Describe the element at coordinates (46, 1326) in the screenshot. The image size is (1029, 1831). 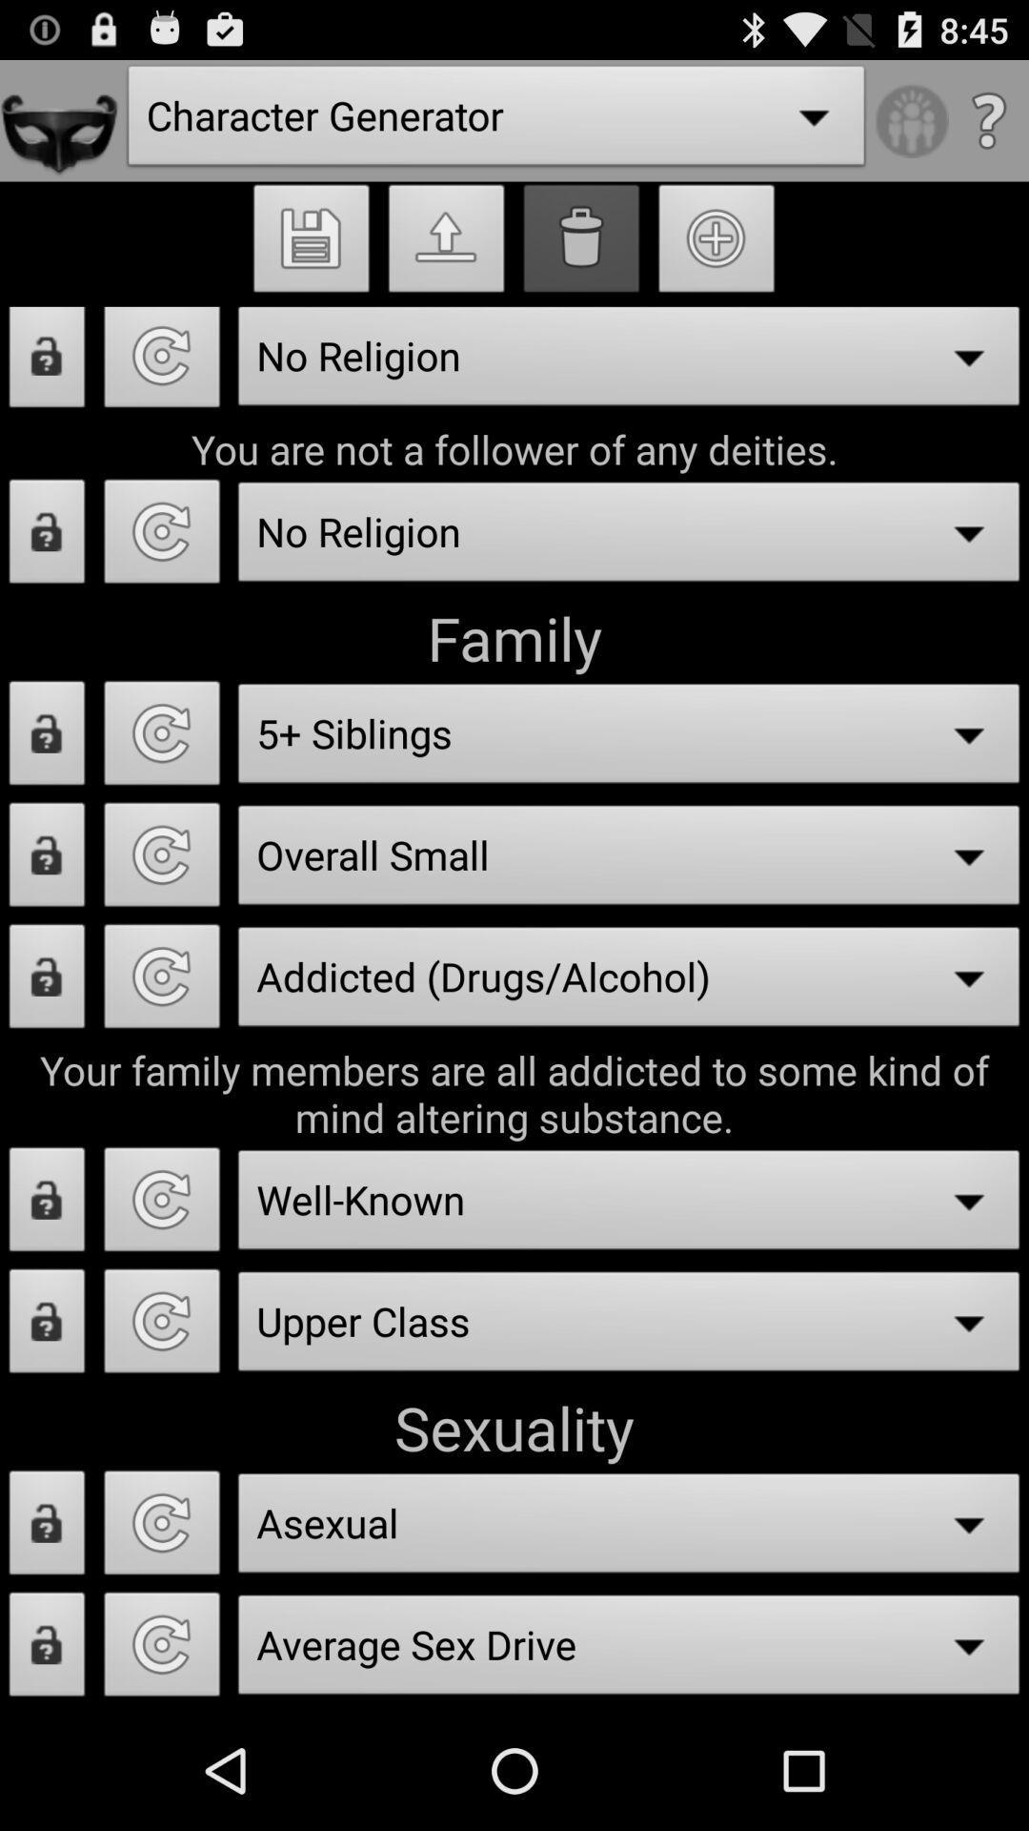
I see `lock page` at that location.